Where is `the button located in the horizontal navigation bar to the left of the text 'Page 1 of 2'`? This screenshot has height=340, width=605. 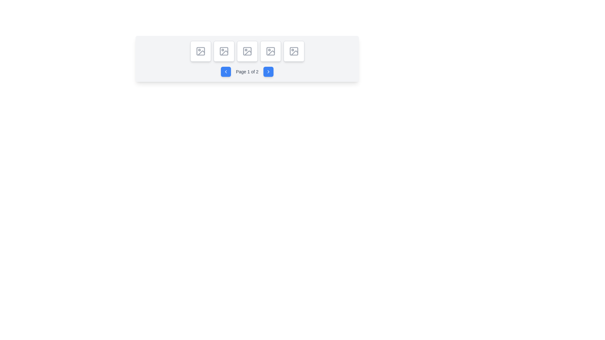
the button located in the horizontal navigation bar to the left of the text 'Page 1 of 2' is located at coordinates (226, 71).